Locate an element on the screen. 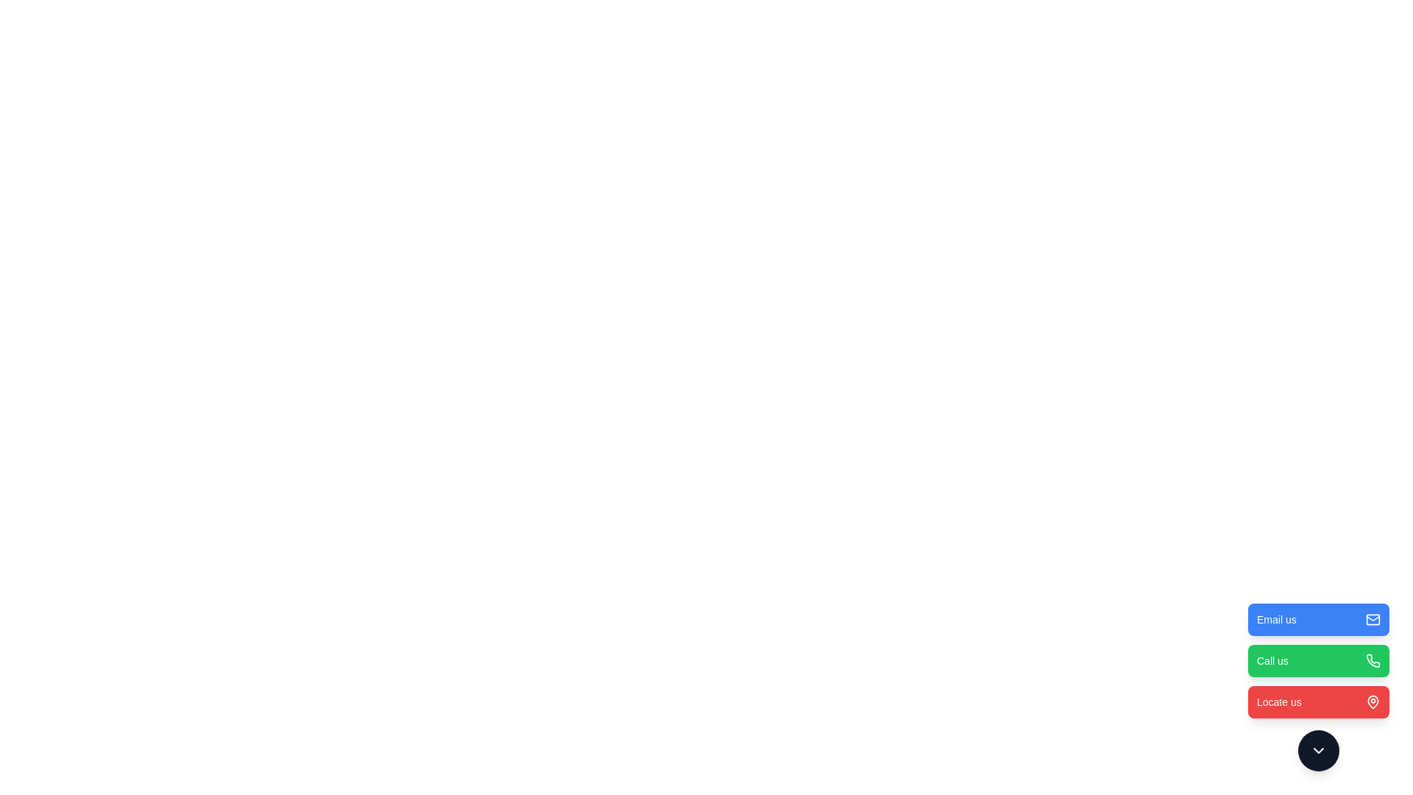  the 'Call us' button is located at coordinates (1318, 660).